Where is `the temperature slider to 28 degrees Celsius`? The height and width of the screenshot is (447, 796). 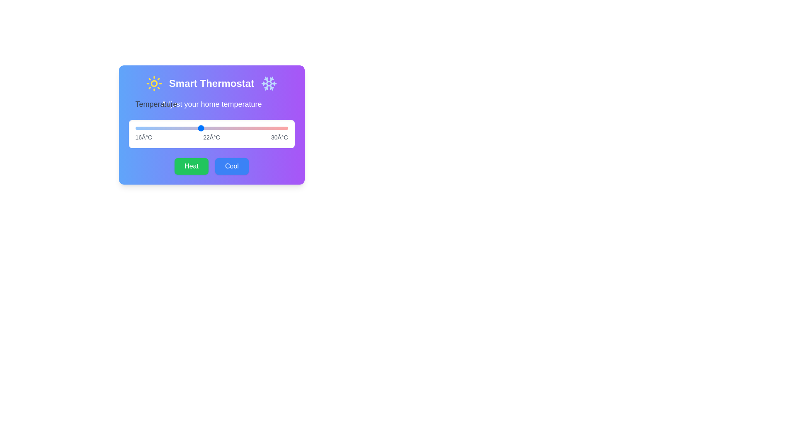
the temperature slider to 28 degrees Celsius is located at coordinates (266, 128).